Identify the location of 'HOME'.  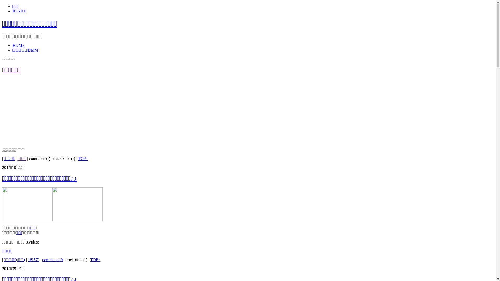
(18, 45).